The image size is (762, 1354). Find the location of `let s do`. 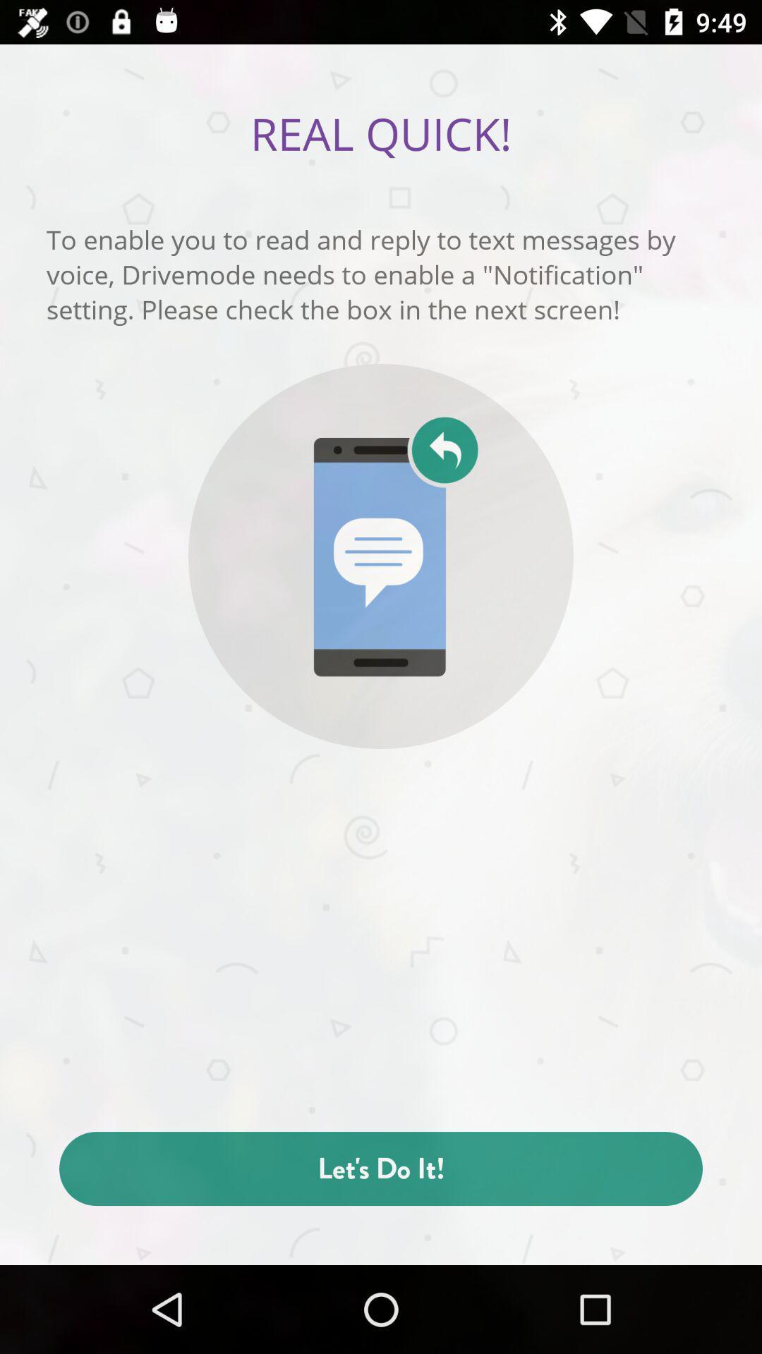

let s do is located at coordinates (381, 1169).